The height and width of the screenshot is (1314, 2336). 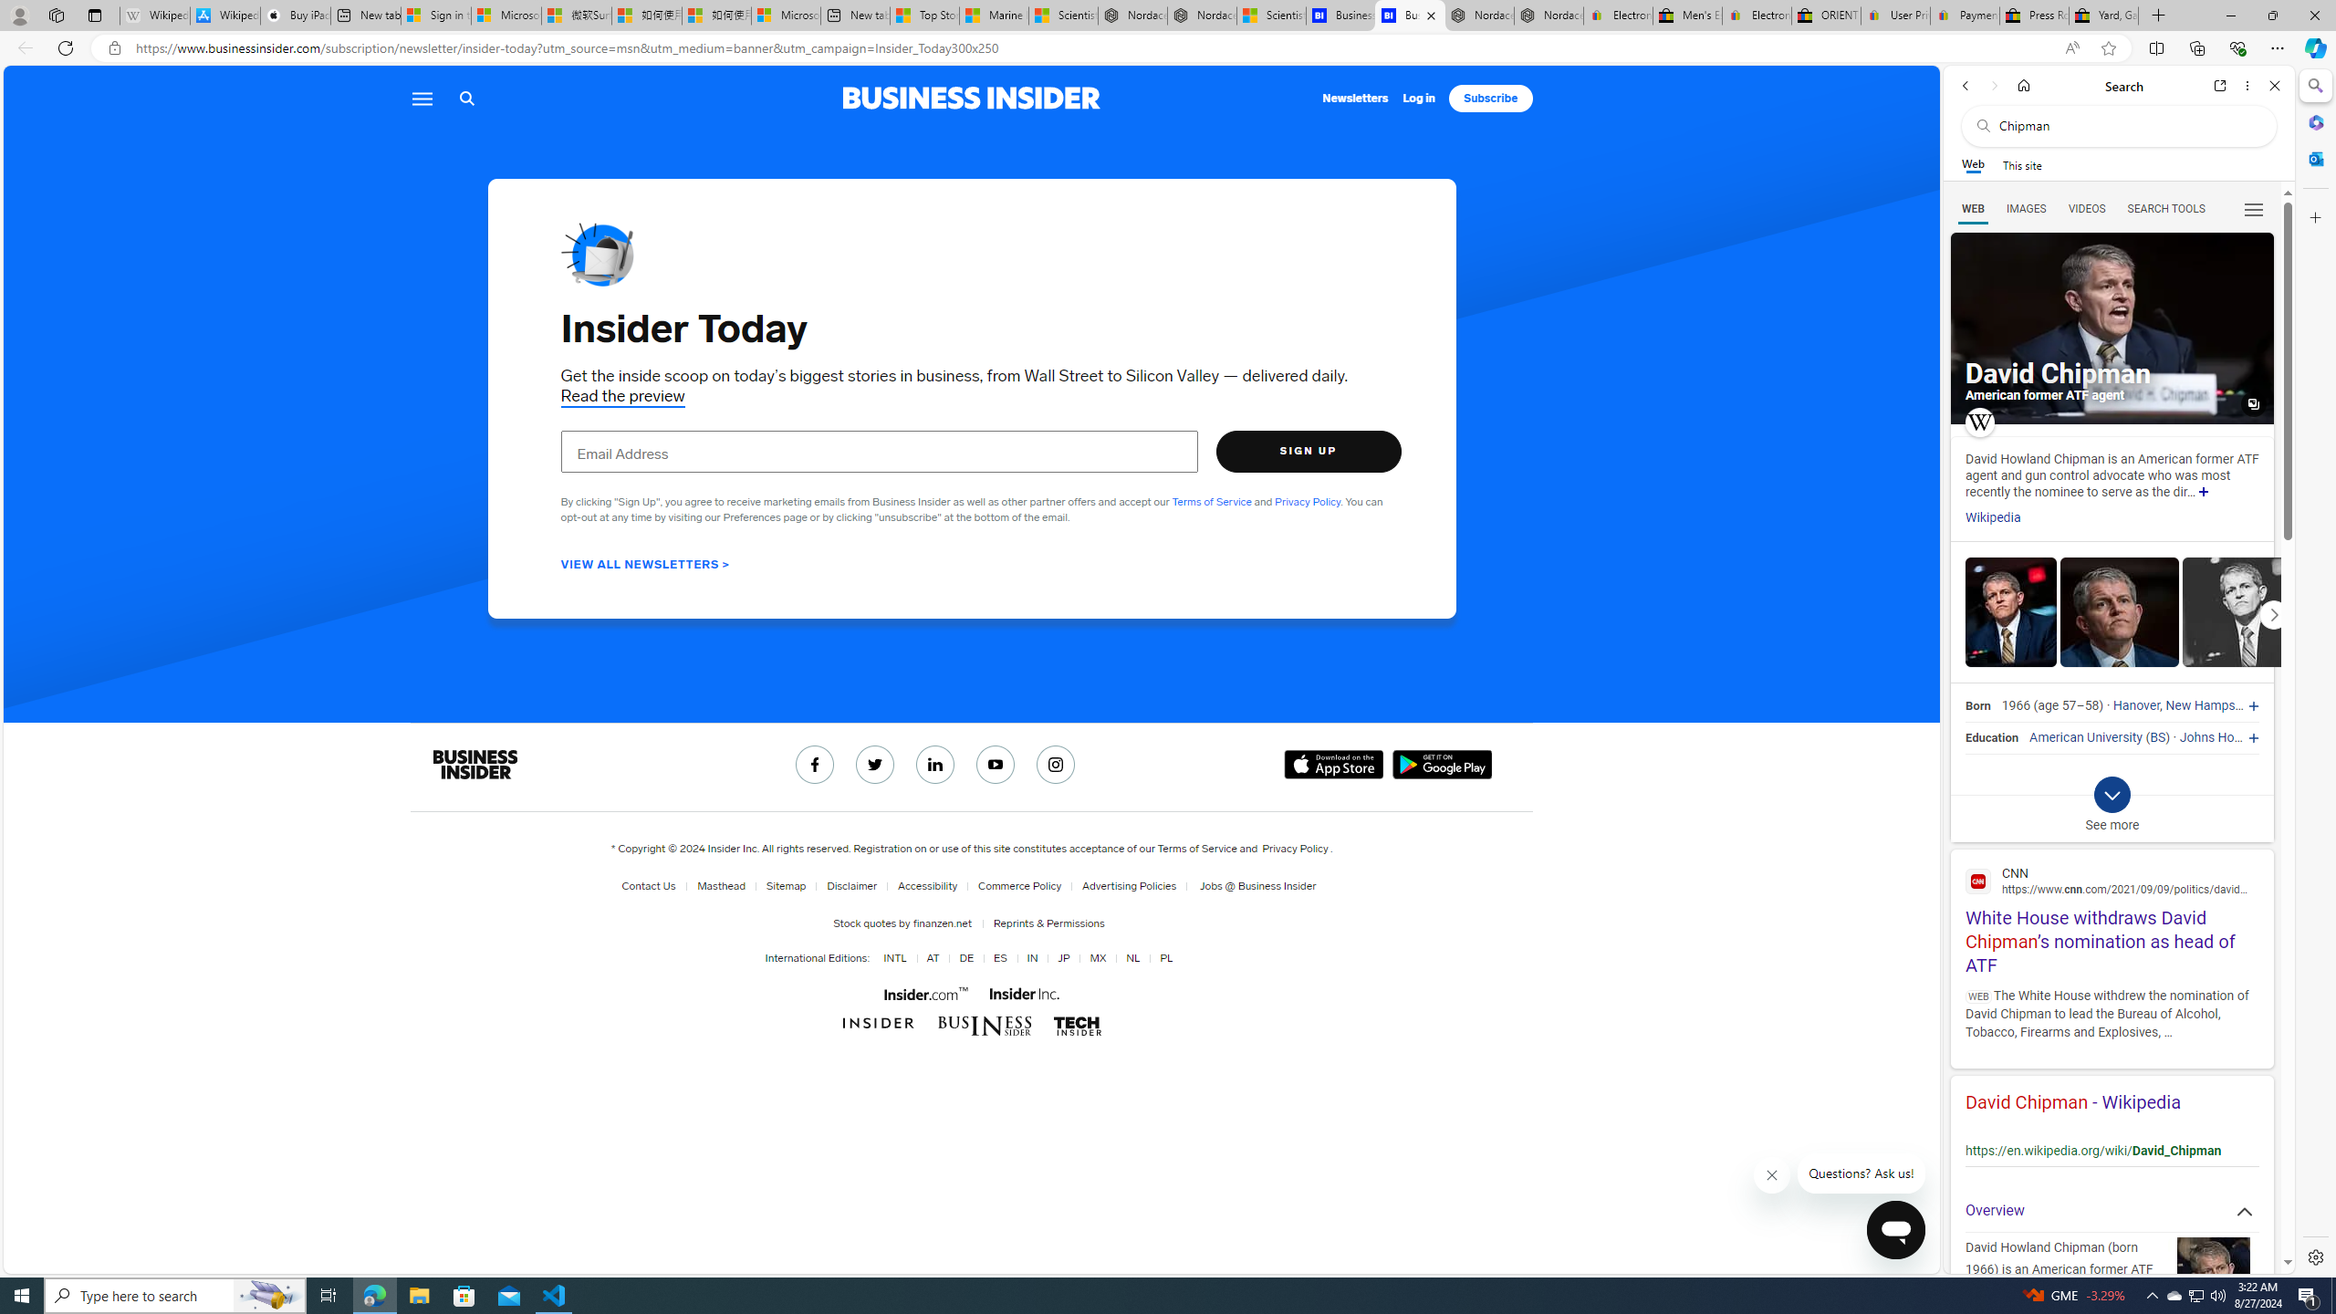 I want to click on 'BS', so click(x=2157, y=737).